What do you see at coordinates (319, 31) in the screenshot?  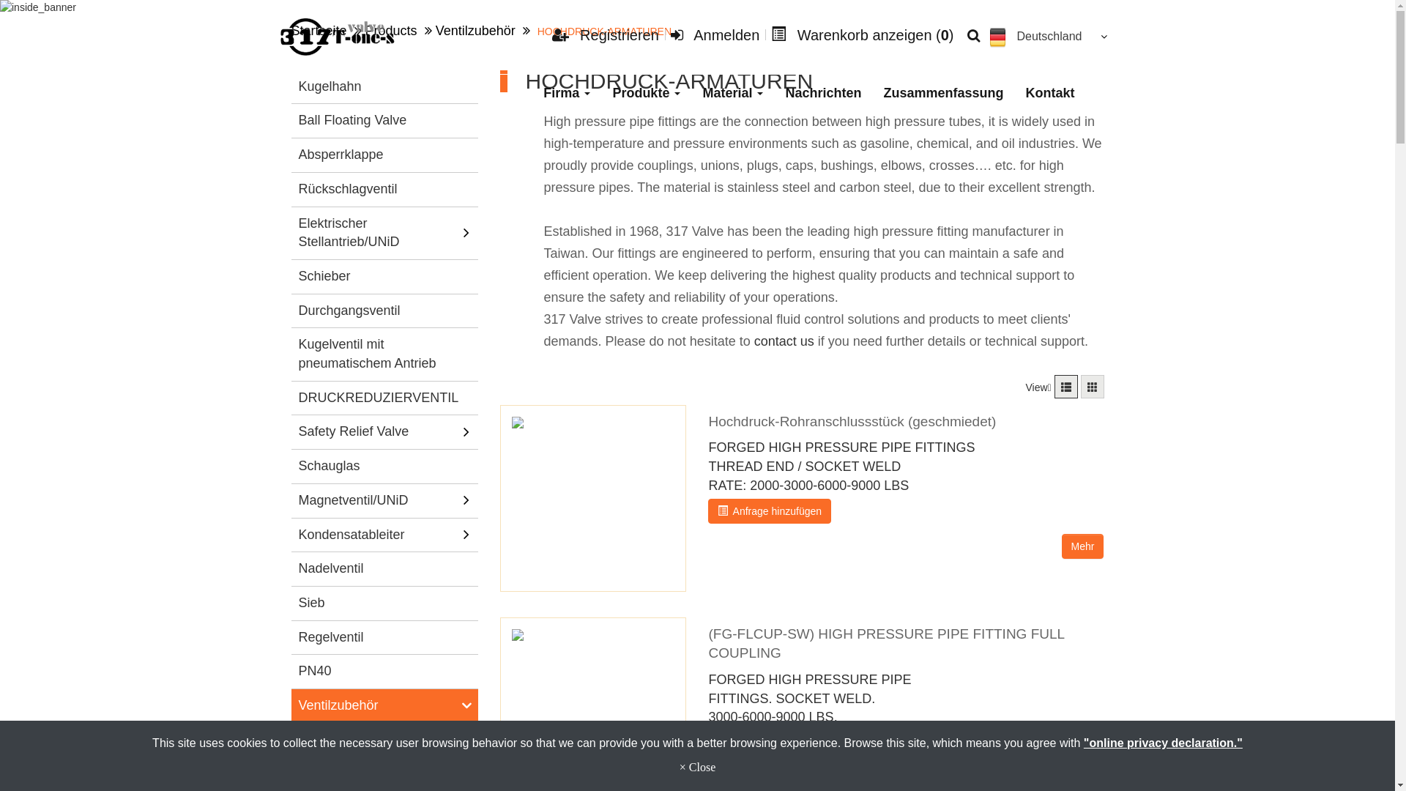 I see `'Startseite'` at bounding box center [319, 31].